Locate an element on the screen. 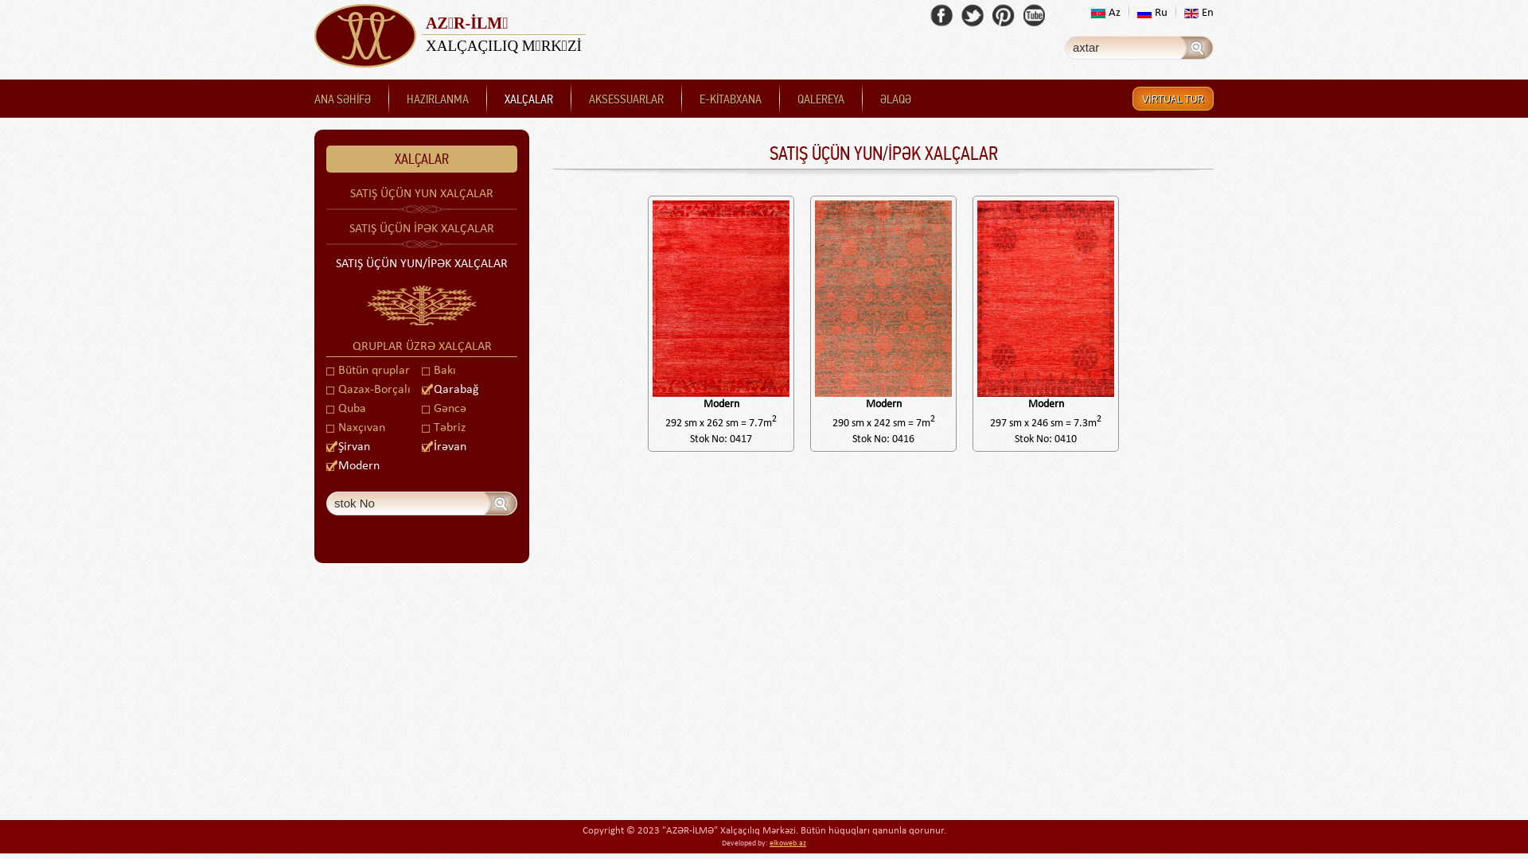  'Youtube' is located at coordinates (1035, 15).